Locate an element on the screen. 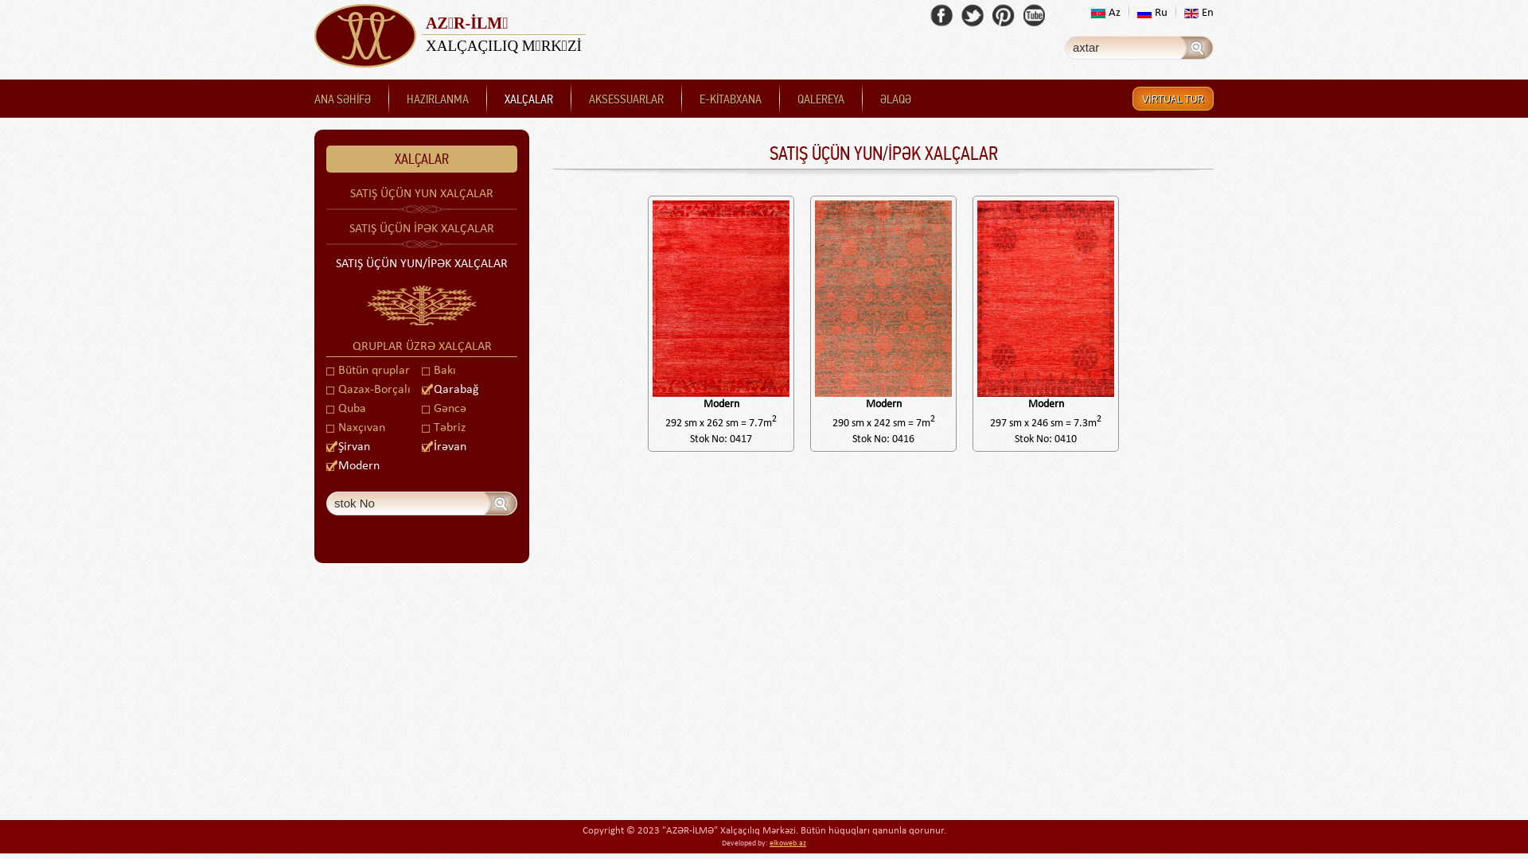  'Youtube' is located at coordinates (1035, 15).